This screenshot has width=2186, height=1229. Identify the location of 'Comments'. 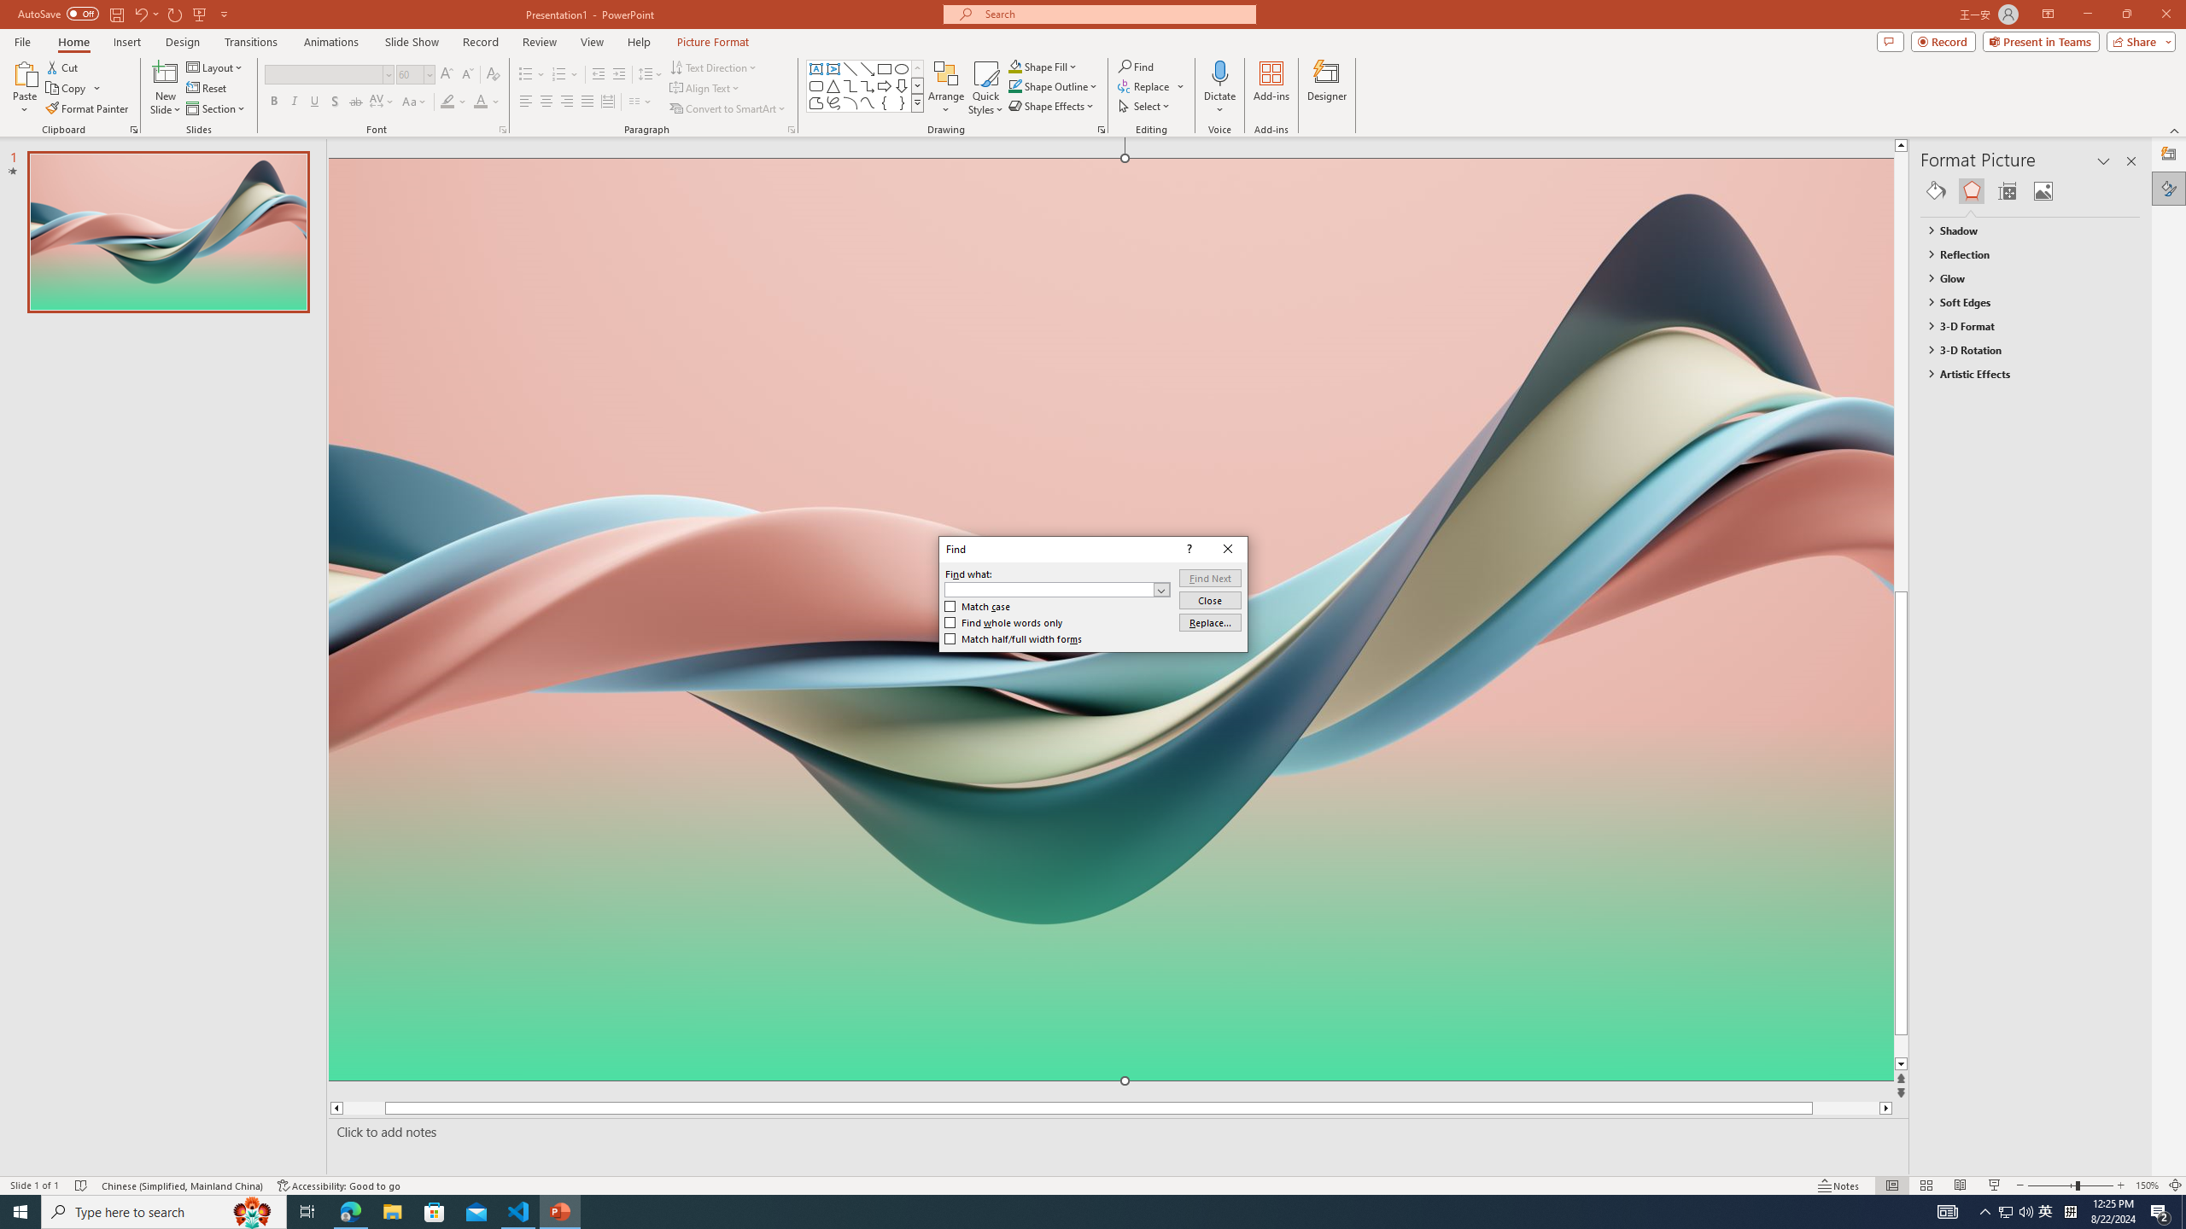
(1890, 40).